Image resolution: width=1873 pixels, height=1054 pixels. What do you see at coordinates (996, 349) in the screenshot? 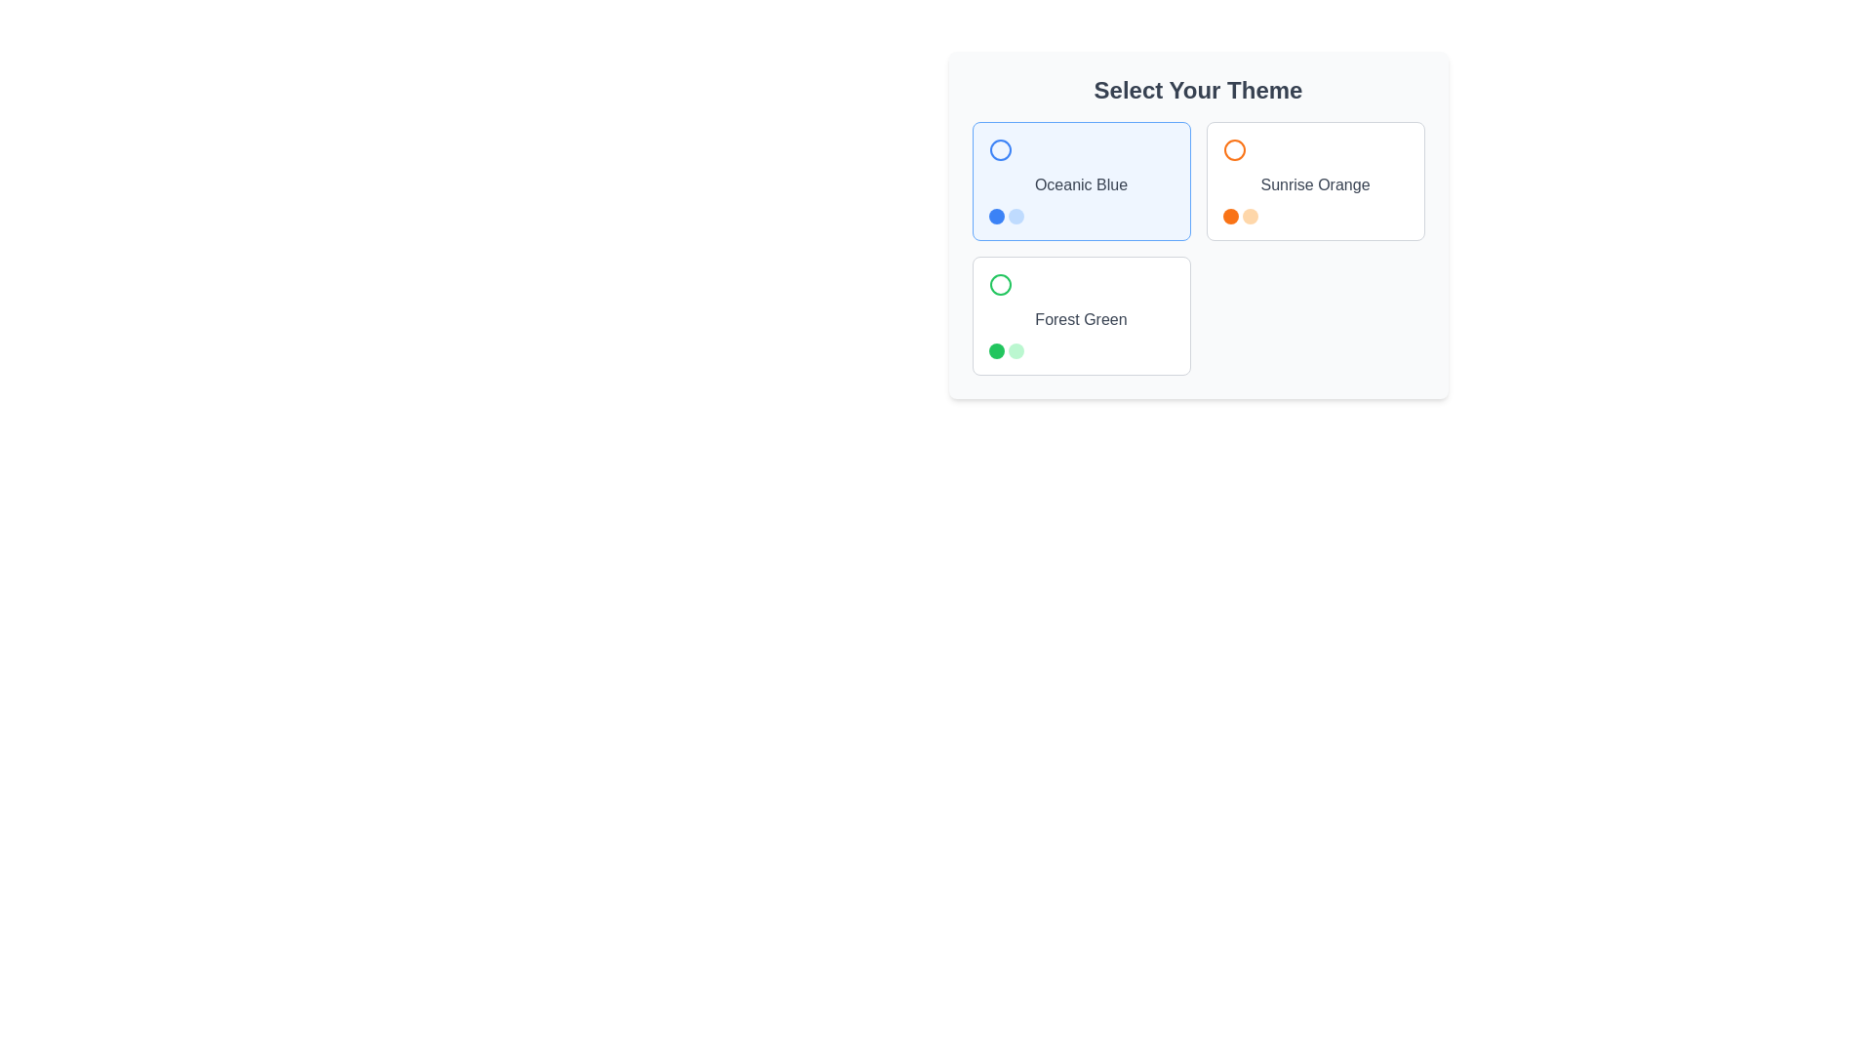
I see `the first circular visual indicator styled with a green color, located under the 'Forest Green' theme option` at bounding box center [996, 349].